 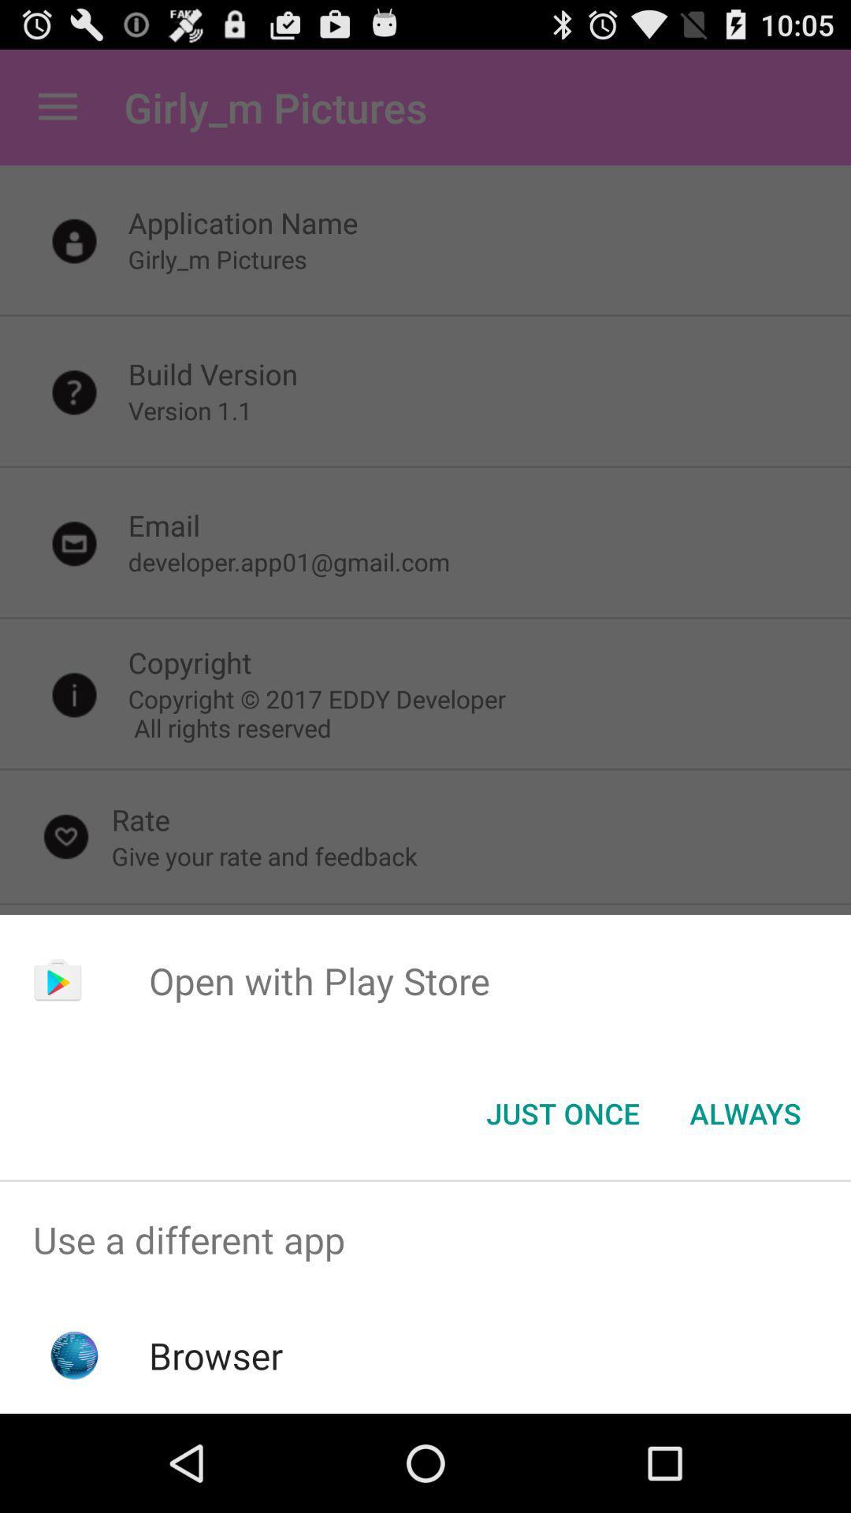 I want to click on icon to the left of always icon, so click(x=562, y=1112).